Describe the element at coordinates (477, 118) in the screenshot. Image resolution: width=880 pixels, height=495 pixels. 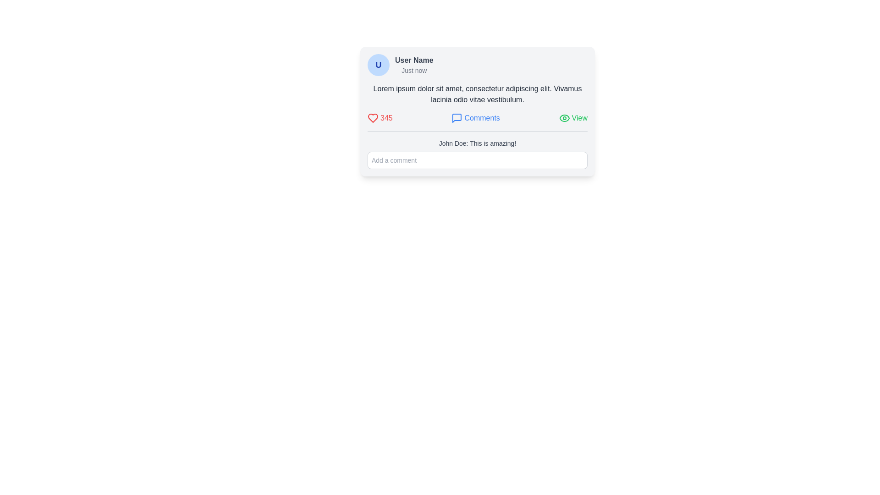
I see `the 'View' text in the toolbar located below the post content and above the user comment section` at that location.